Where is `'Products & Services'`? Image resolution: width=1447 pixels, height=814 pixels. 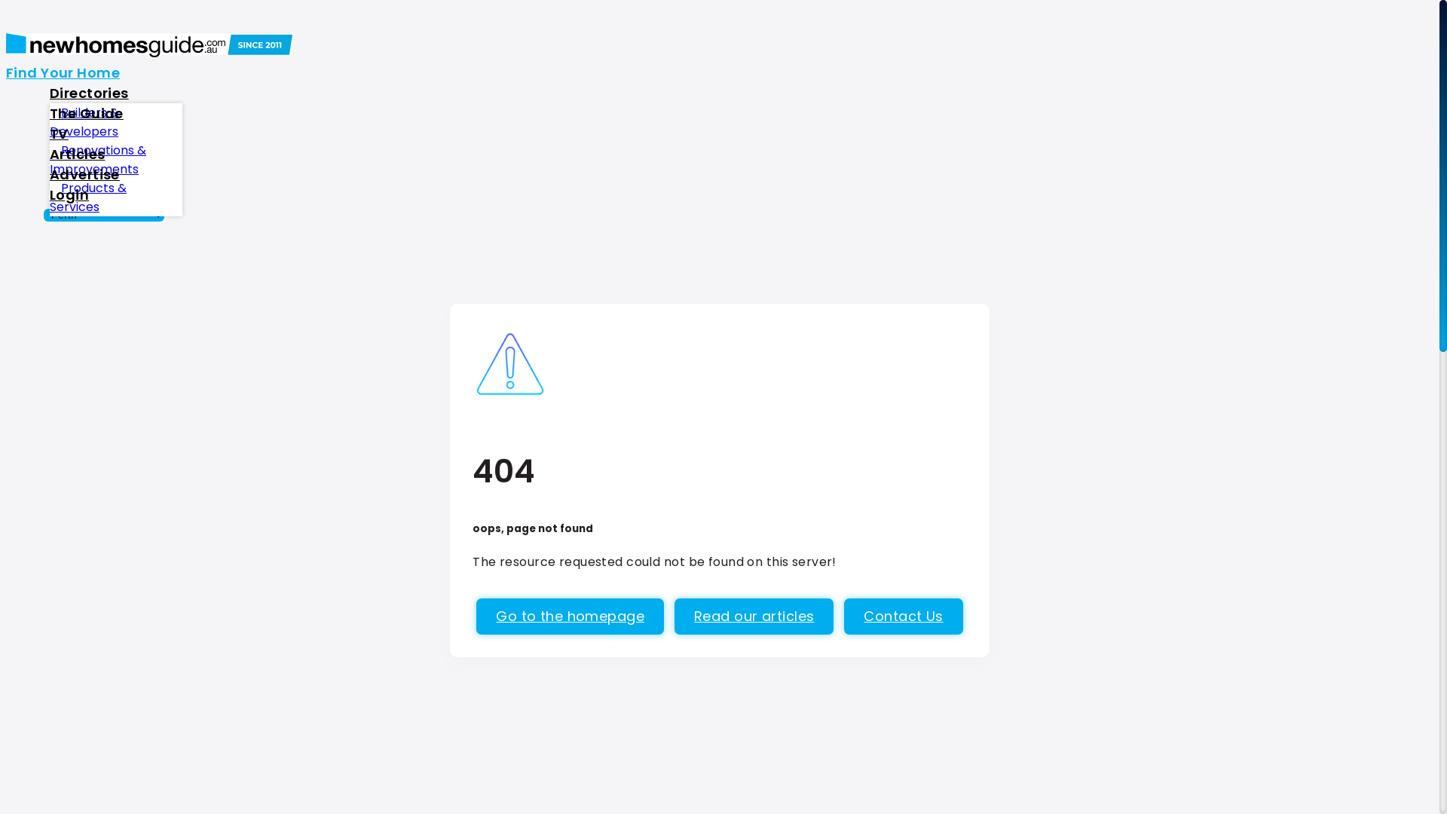 'Products & Services' is located at coordinates (87, 197).